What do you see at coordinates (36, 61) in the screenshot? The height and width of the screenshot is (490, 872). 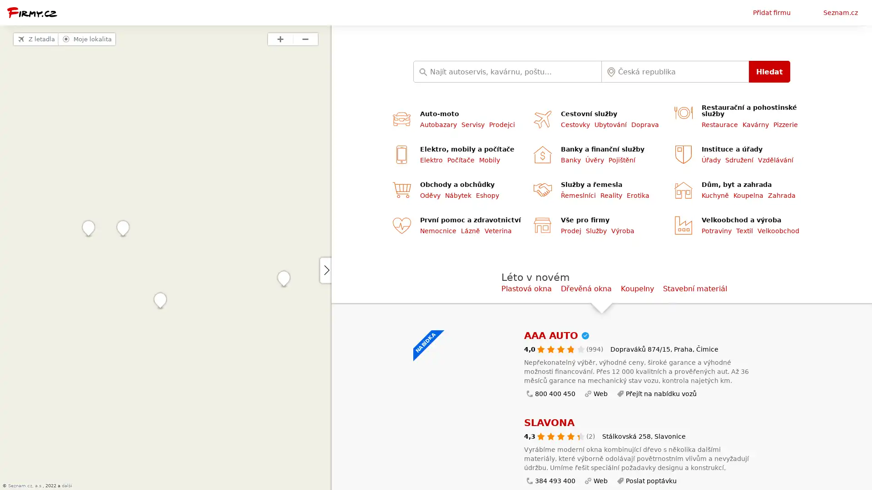 I see `Z letadla` at bounding box center [36, 61].